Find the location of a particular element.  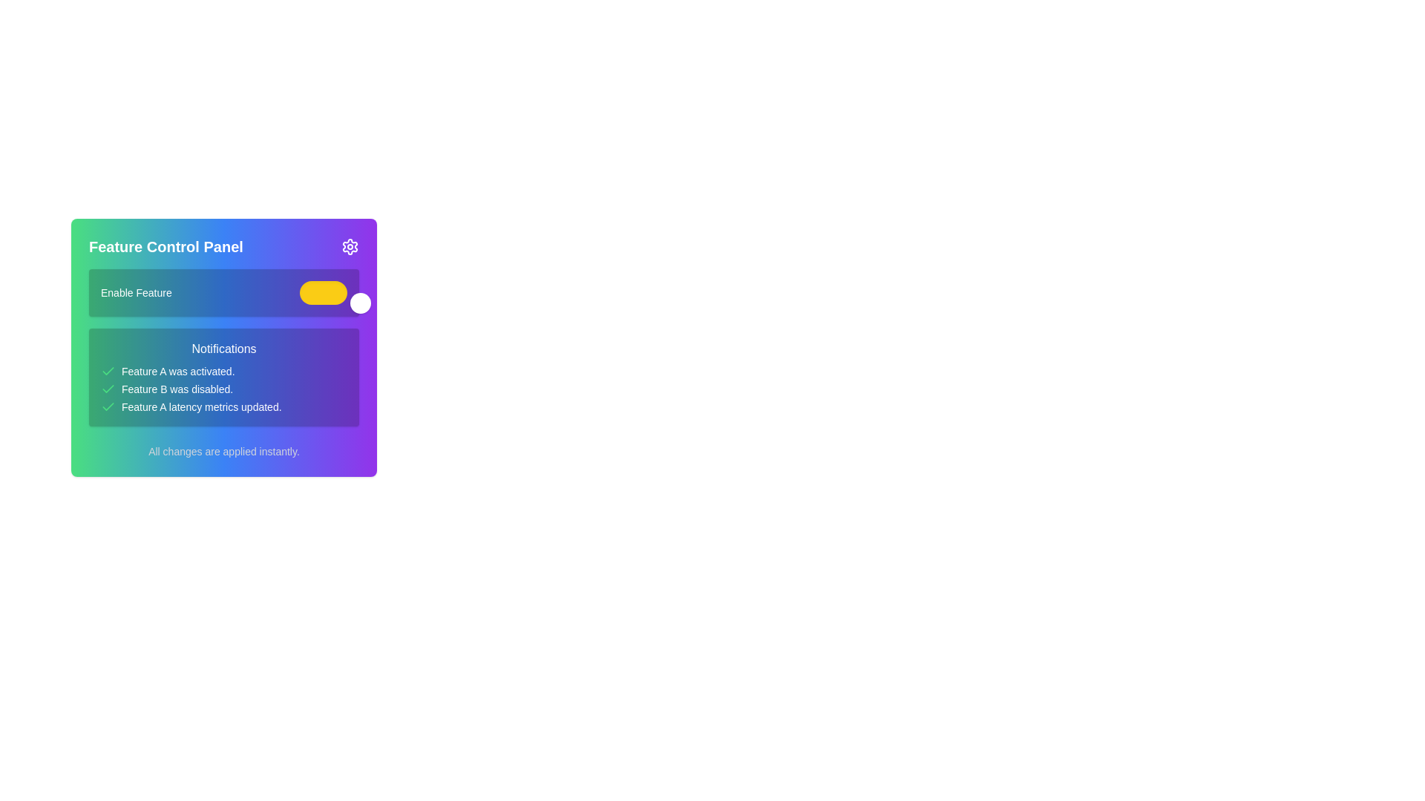

the notification text 'Feature A was activated.' is located at coordinates (223, 371).